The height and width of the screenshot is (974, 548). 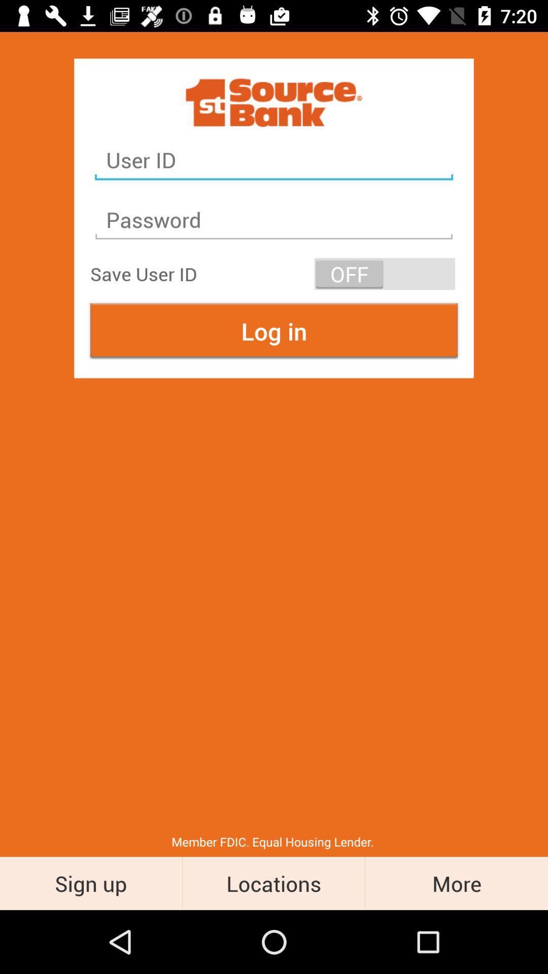 I want to click on sign up, so click(x=90, y=883).